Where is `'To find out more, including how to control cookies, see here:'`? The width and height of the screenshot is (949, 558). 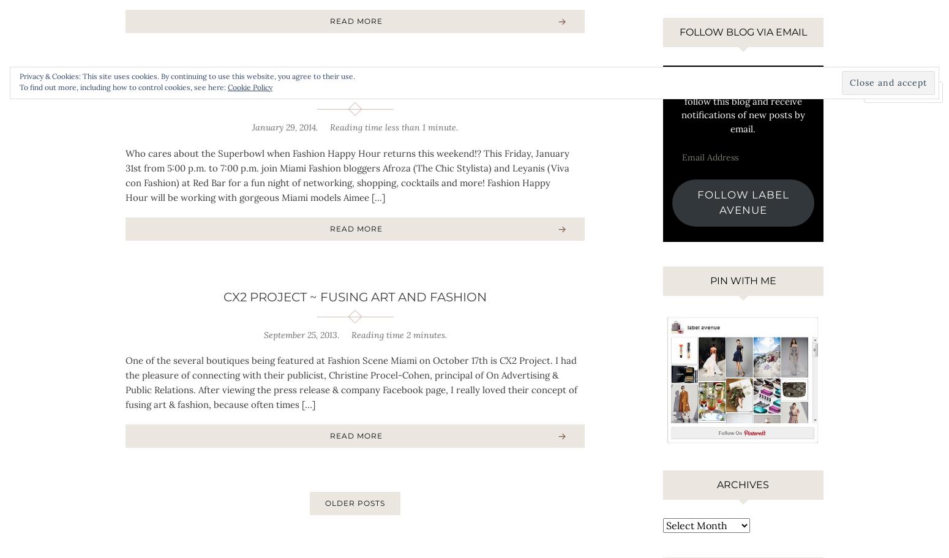 'To find out more, including how to control cookies, see here:' is located at coordinates (18, 87).